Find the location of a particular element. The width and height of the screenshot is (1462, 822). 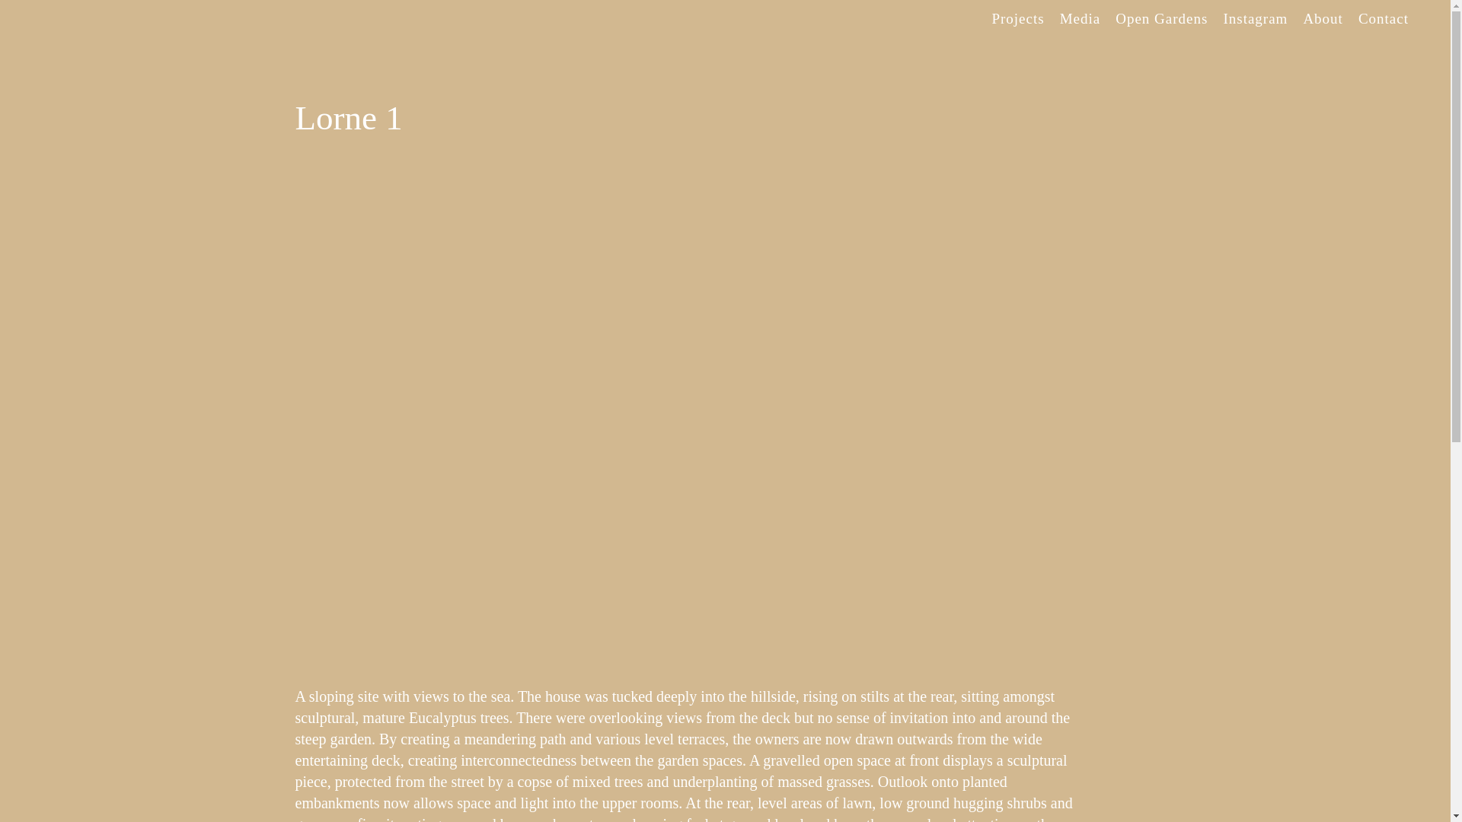

'Instagram' is located at coordinates (1255, 18).